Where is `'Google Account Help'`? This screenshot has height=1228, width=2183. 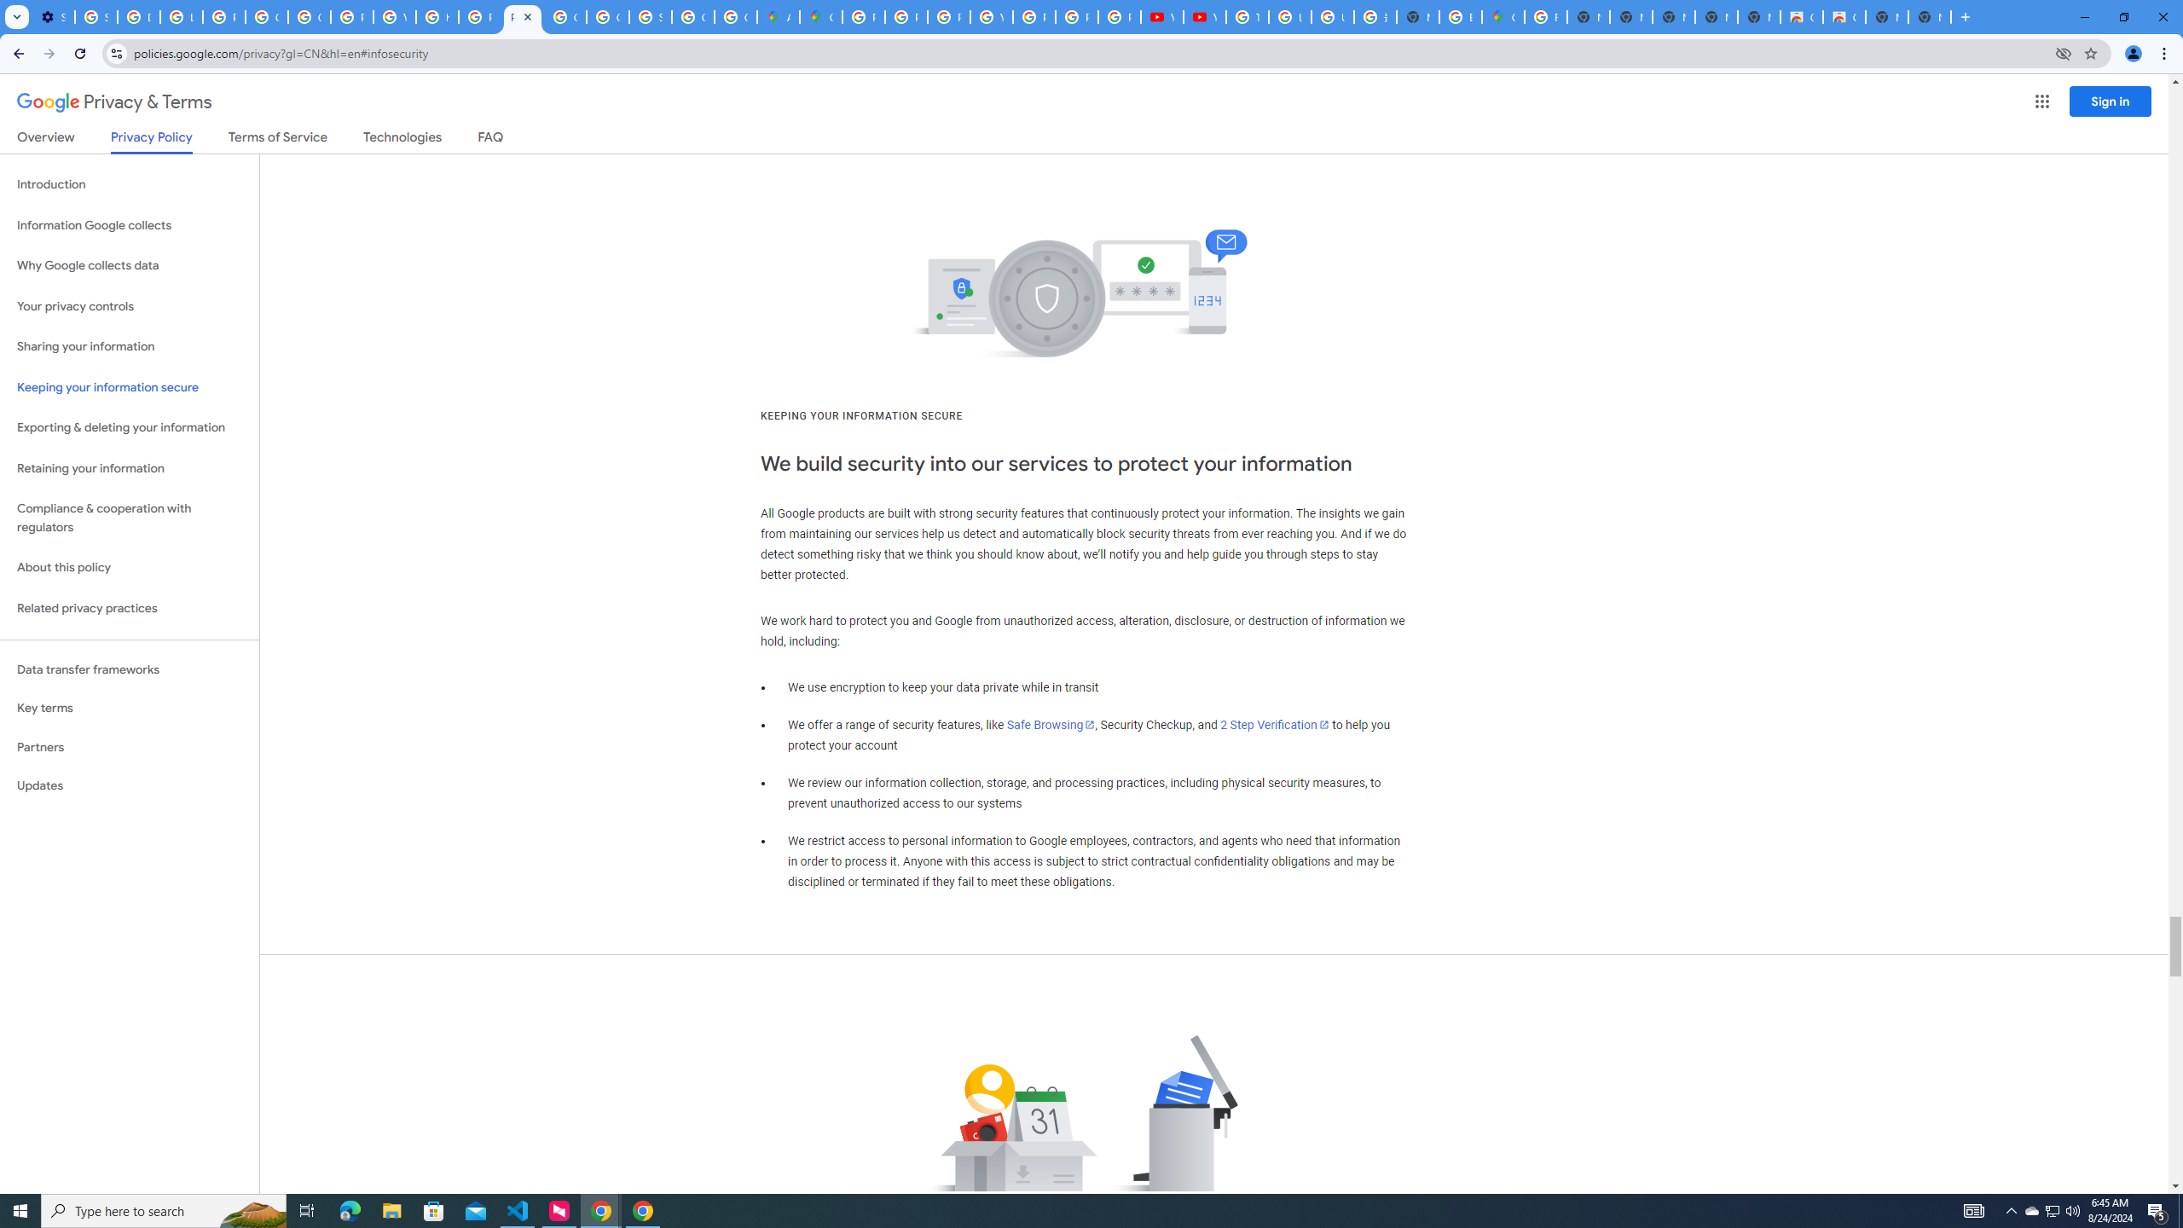 'Google Account Help' is located at coordinates (267, 16).